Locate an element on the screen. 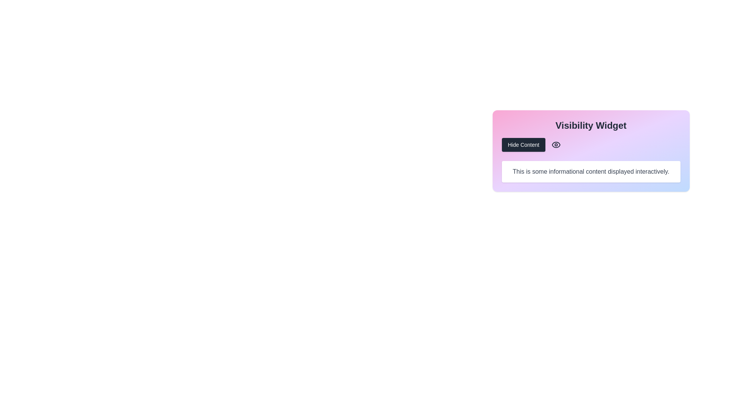  the informational Text Box with rounded corners and a white background, displaying the text 'This is some informational content displayed interactively.' is located at coordinates (590, 171).